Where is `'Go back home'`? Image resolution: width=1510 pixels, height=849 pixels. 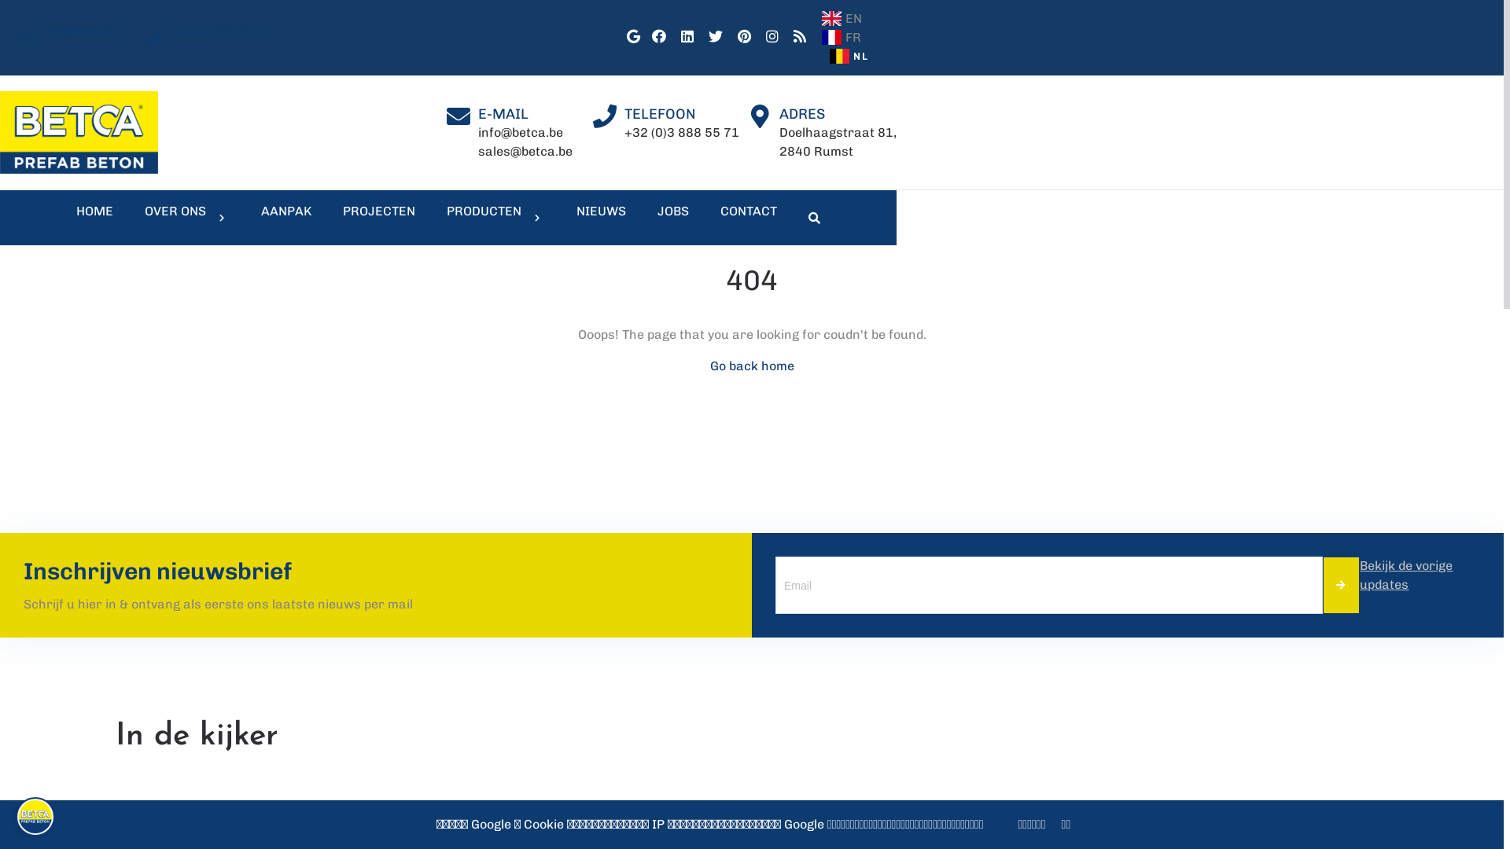 'Go back home' is located at coordinates (750, 366).